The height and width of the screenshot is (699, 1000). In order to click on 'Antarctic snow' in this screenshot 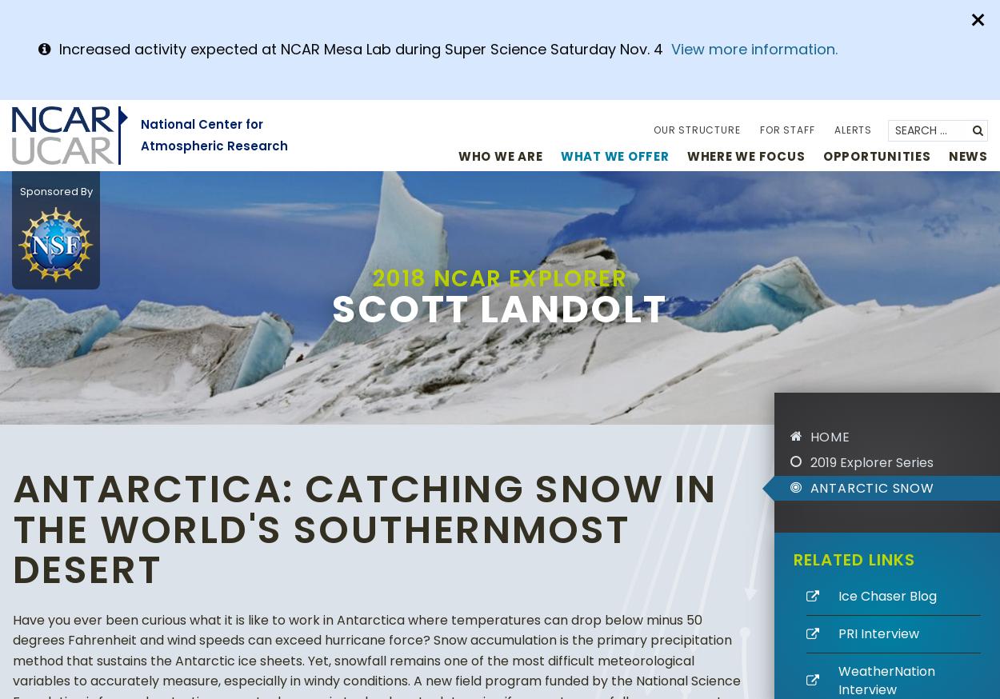, I will do `click(870, 486)`.